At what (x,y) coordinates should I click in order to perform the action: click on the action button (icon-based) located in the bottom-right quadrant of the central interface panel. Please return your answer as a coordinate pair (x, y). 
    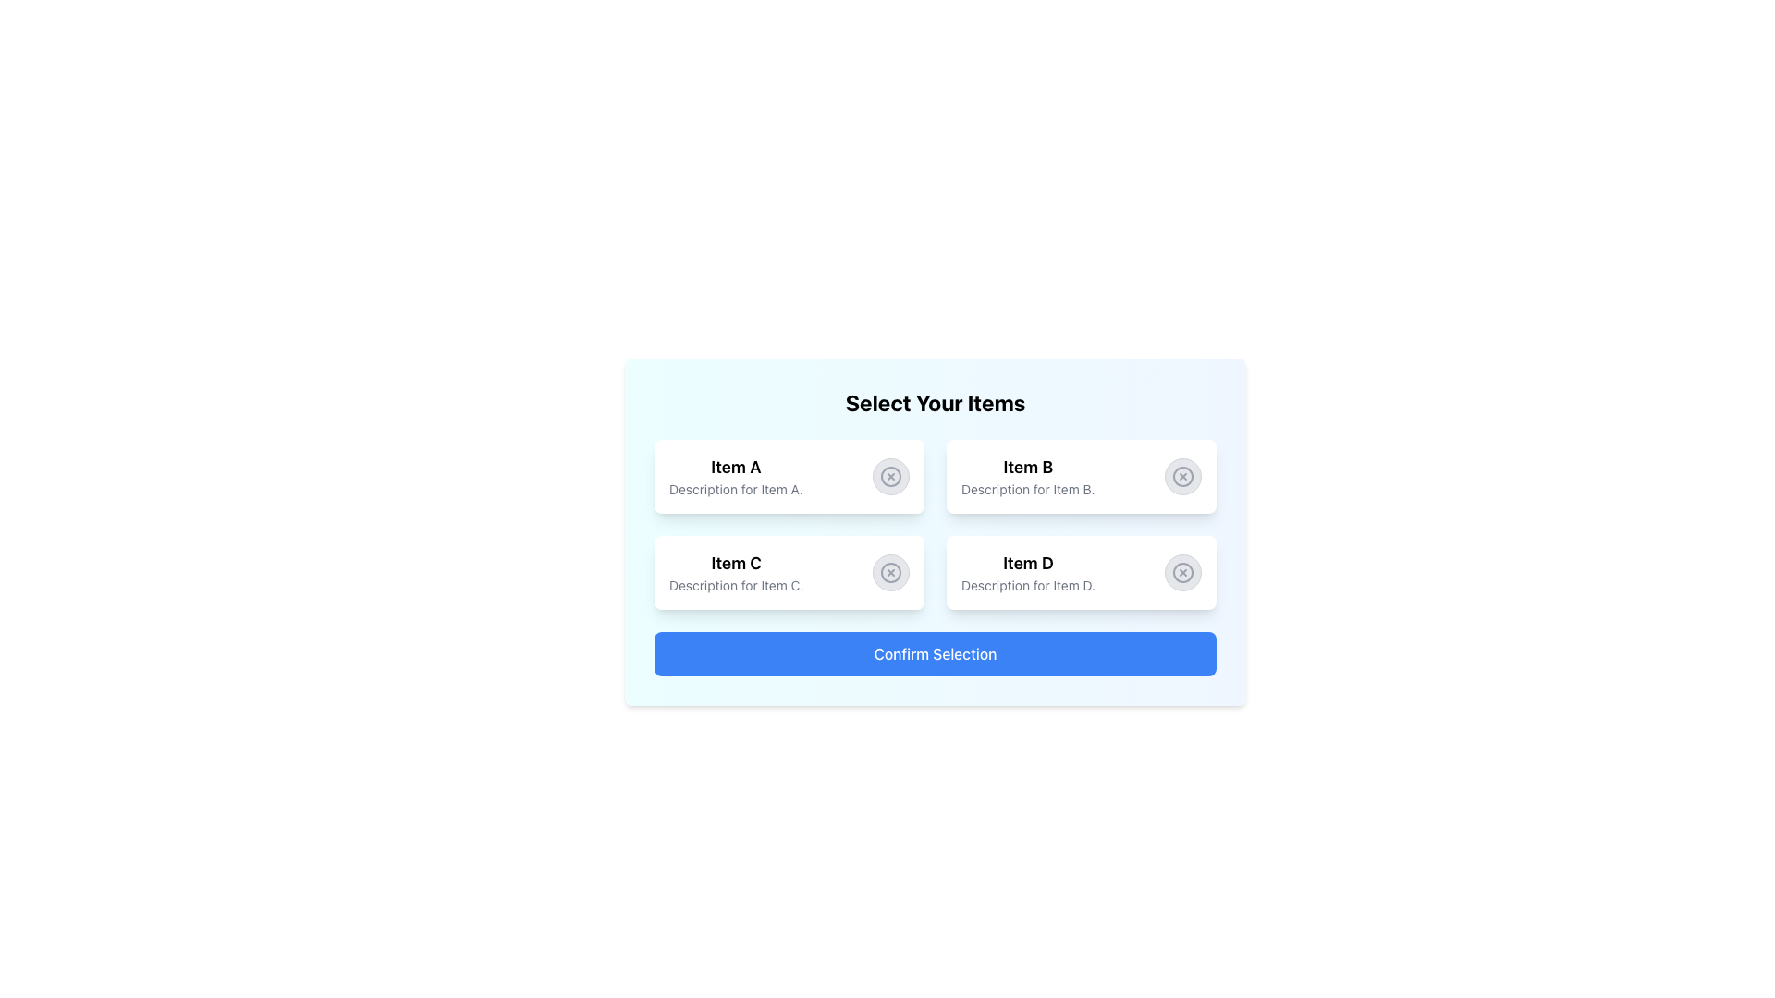
    Looking at the image, I should click on (1183, 572).